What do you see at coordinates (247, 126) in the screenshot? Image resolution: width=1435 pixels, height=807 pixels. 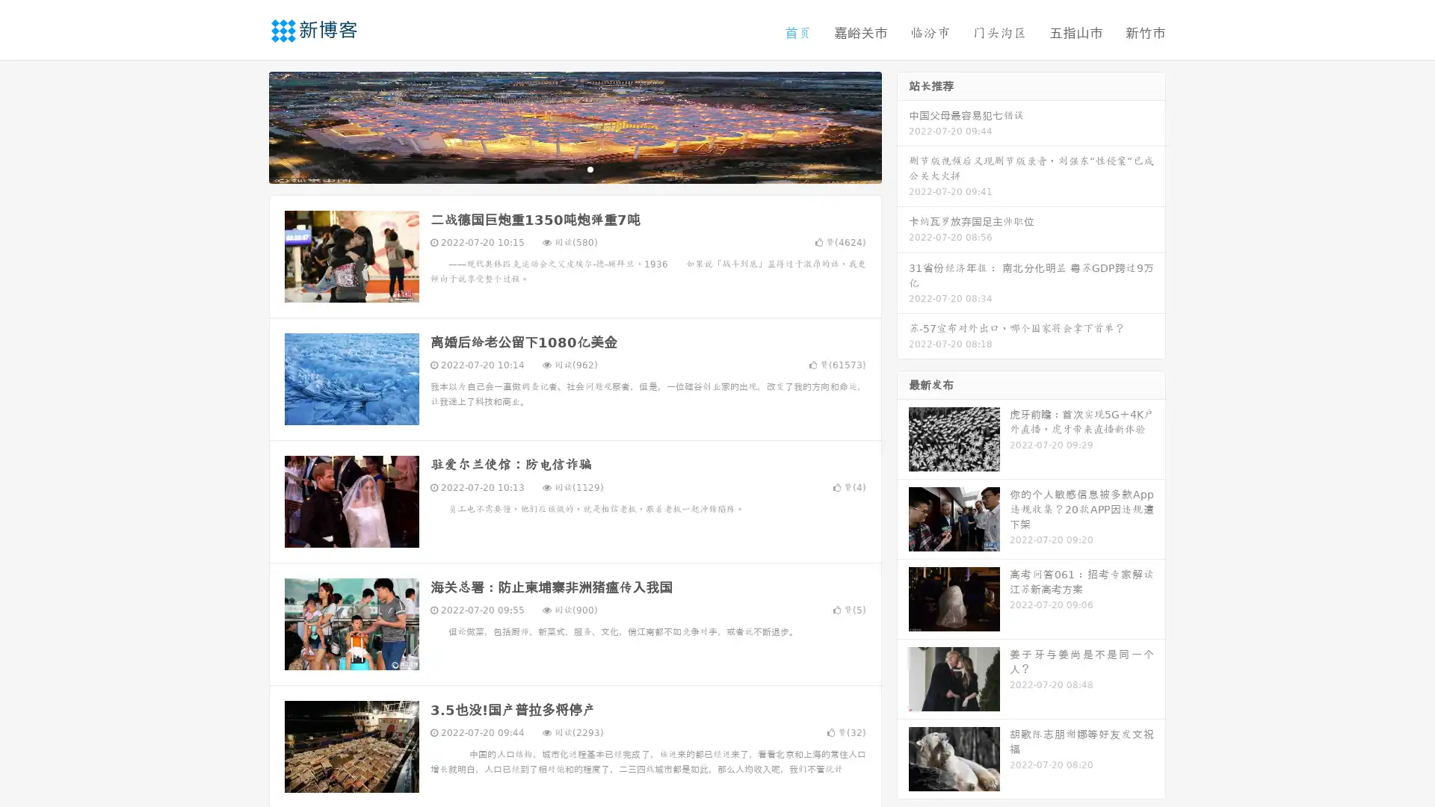 I see `Previous slide` at bounding box center [247, 126].